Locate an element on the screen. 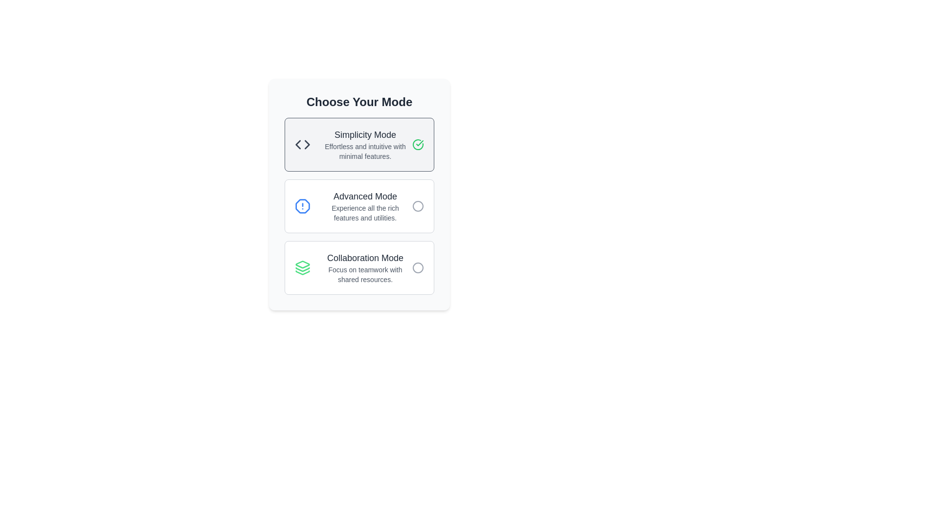  header text 'Choose Your Mode' which is prominently displayed at the top of the selection interface is located at coordinates (358, 102).